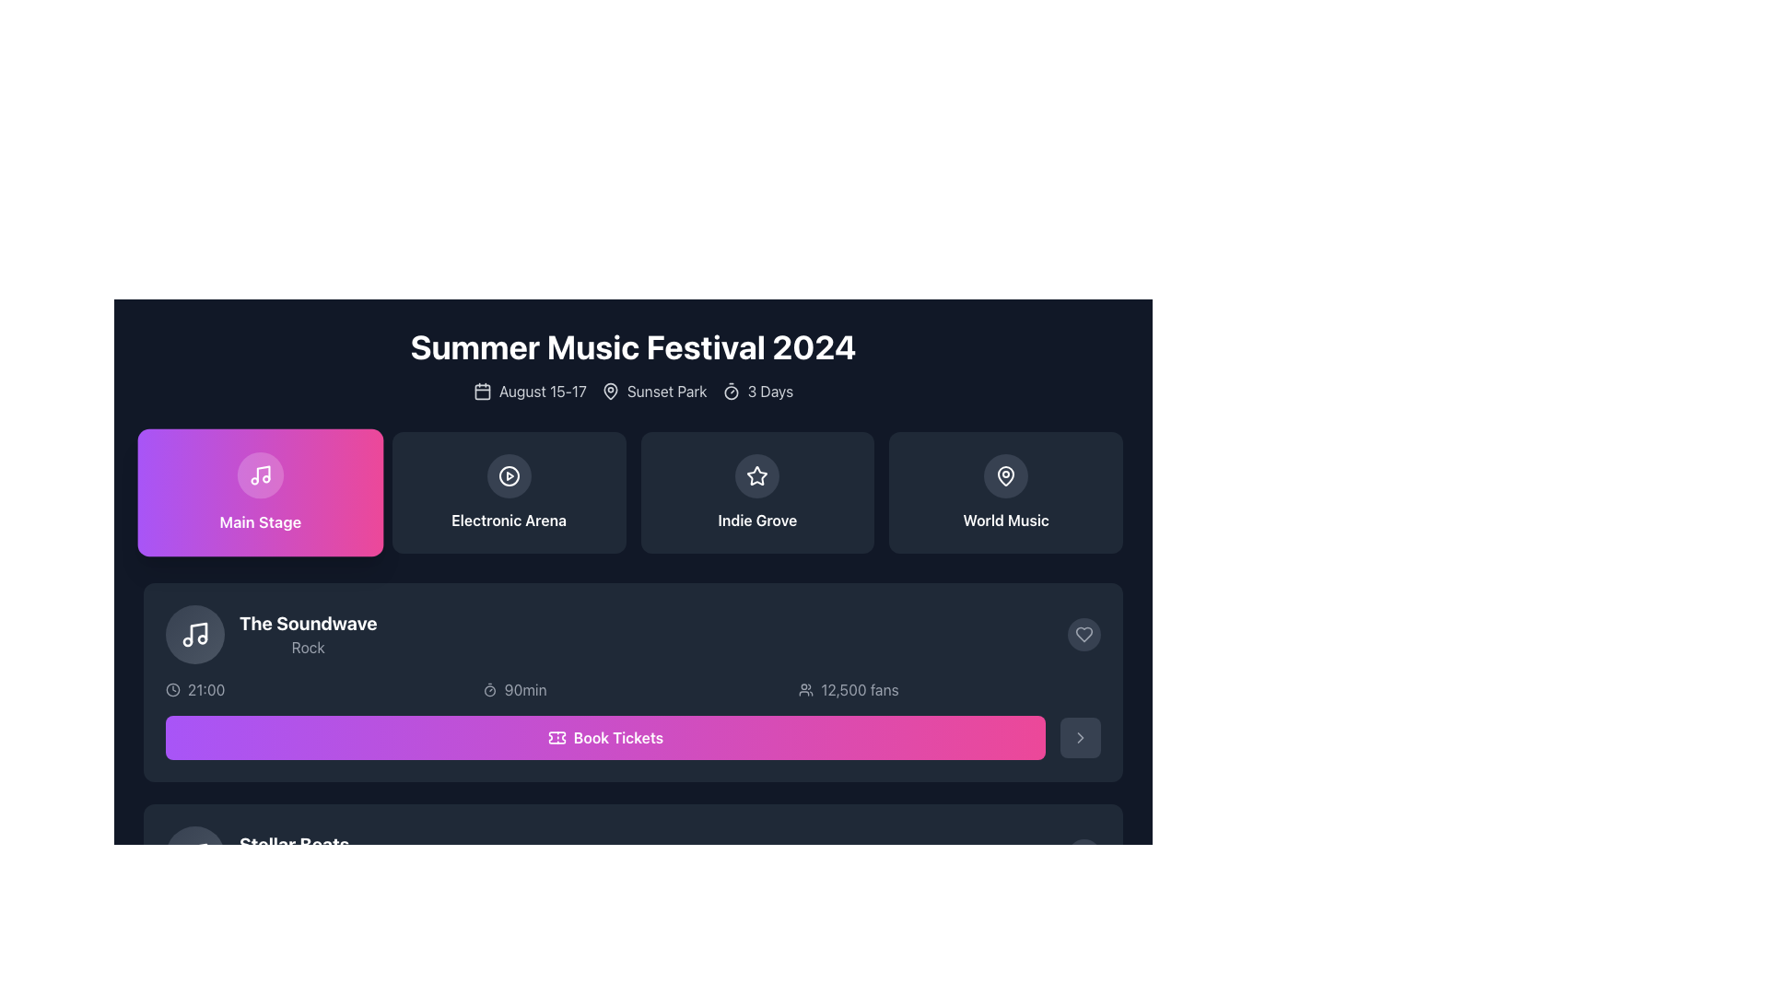 The width and height of the screenshot is (1769, 995). Describe the element at coordinates (757, 492) in the screenshot. I see `the 'Indie Grove' button located` at that location.